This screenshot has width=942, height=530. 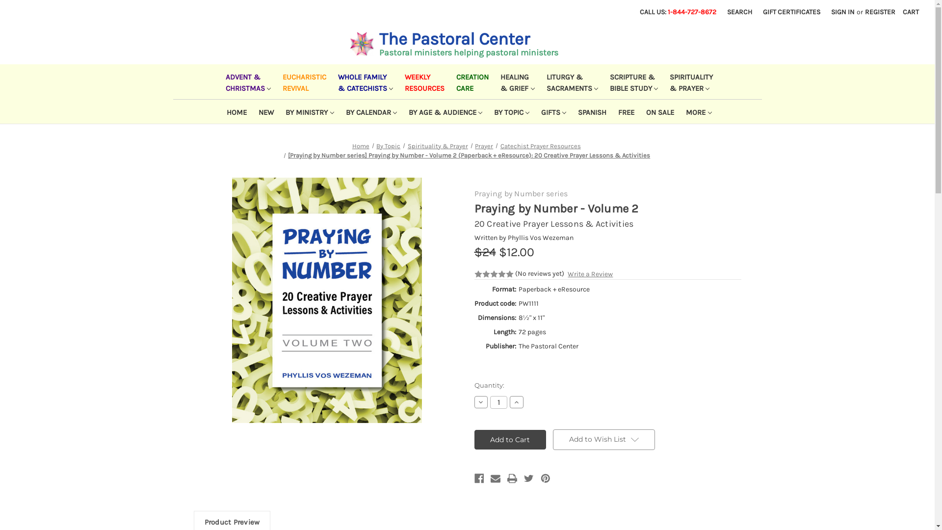 What do you see at coordinates (532, 111) in the screenshot?
I see `'GIFTS'` at bounding box center [532, 111].